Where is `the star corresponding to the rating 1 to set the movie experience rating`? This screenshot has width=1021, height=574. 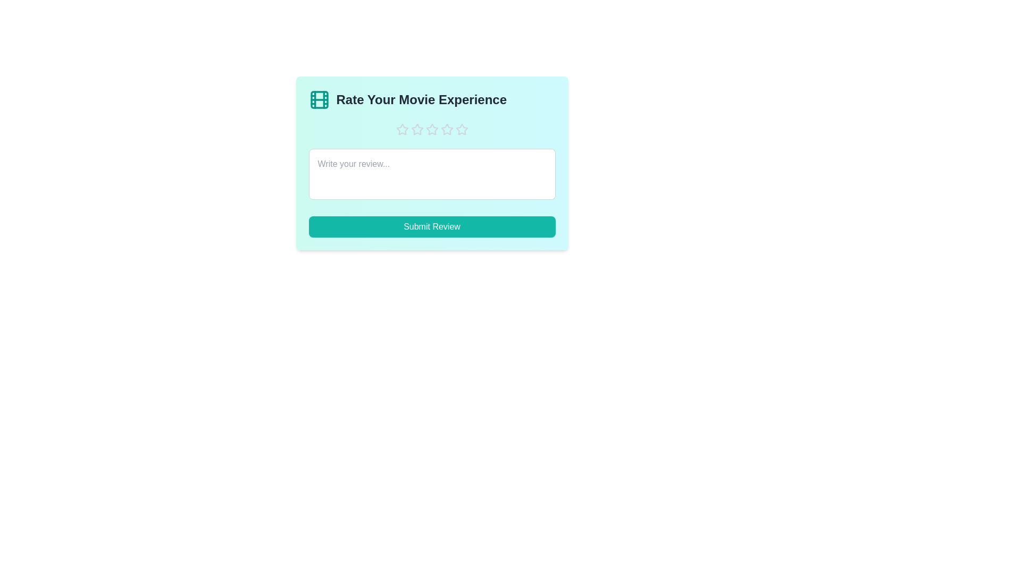
the star corresponding to the rating 1 to set the movie experience rating is located at coordinates (401, 129).